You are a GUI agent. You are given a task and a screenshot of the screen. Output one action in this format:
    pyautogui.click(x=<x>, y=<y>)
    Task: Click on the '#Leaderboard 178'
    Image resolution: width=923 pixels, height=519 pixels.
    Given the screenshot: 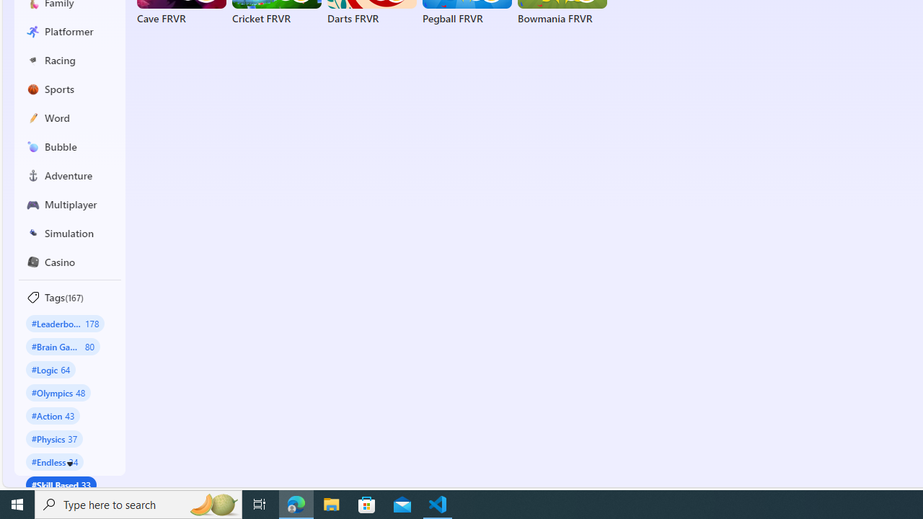 What is the action you would take?
    pyautogui.click(x=64, y=322)
    